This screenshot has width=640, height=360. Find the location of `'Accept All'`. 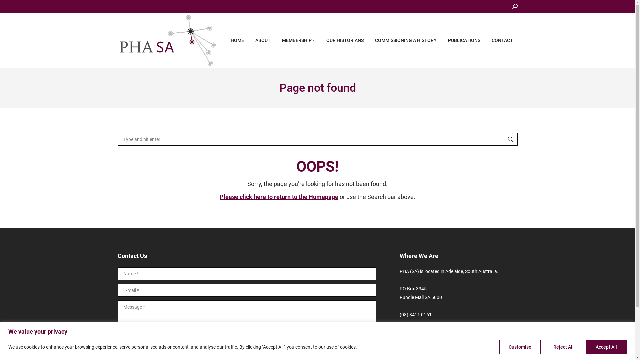

'Accept All' is located at coordinates (606, 346).